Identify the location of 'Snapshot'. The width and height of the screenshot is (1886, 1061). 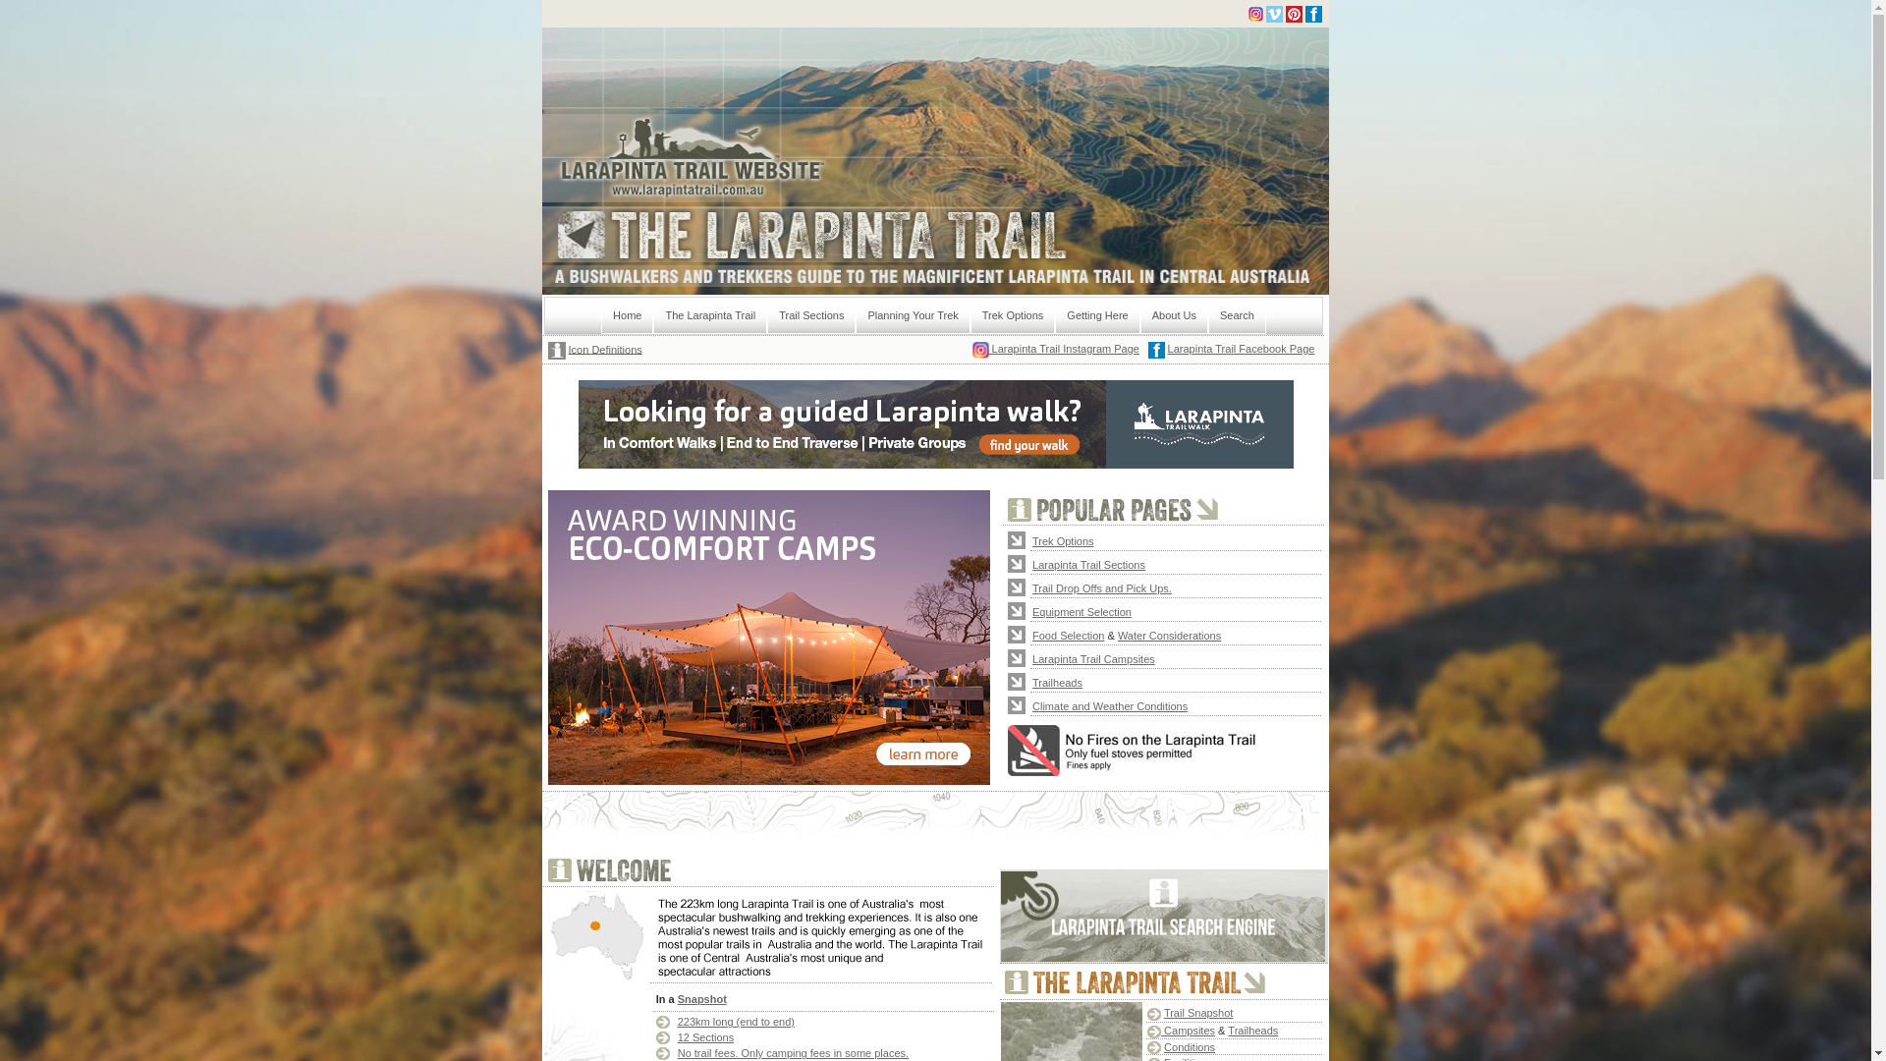
(702, 999).